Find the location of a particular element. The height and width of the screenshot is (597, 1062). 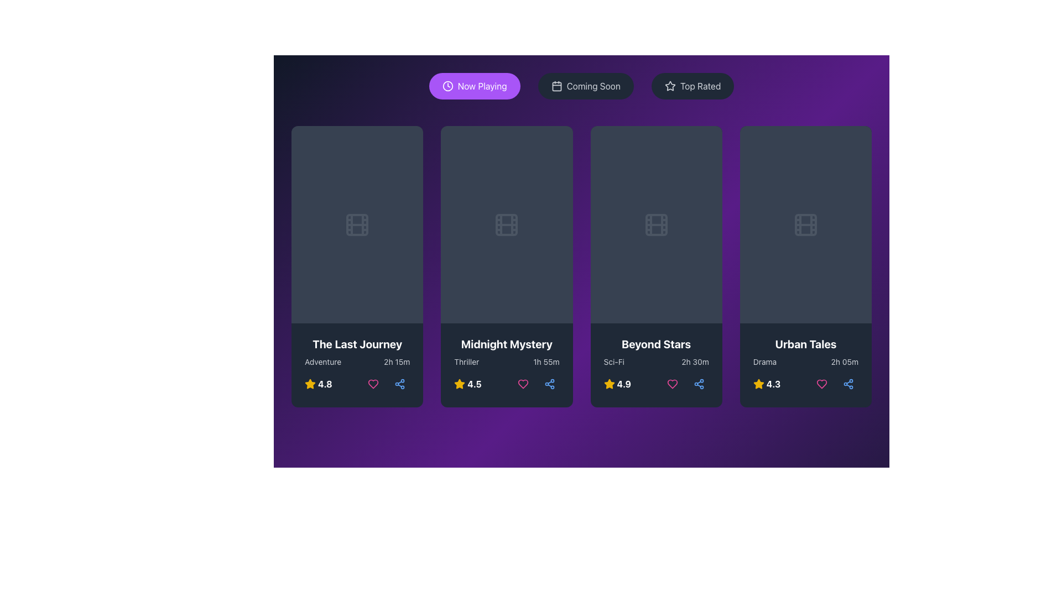

rating value displayed as '4.9' in bold white font at the bottom of the card for the movie 'Beyond Stars' is located at coordinates (624, 384).